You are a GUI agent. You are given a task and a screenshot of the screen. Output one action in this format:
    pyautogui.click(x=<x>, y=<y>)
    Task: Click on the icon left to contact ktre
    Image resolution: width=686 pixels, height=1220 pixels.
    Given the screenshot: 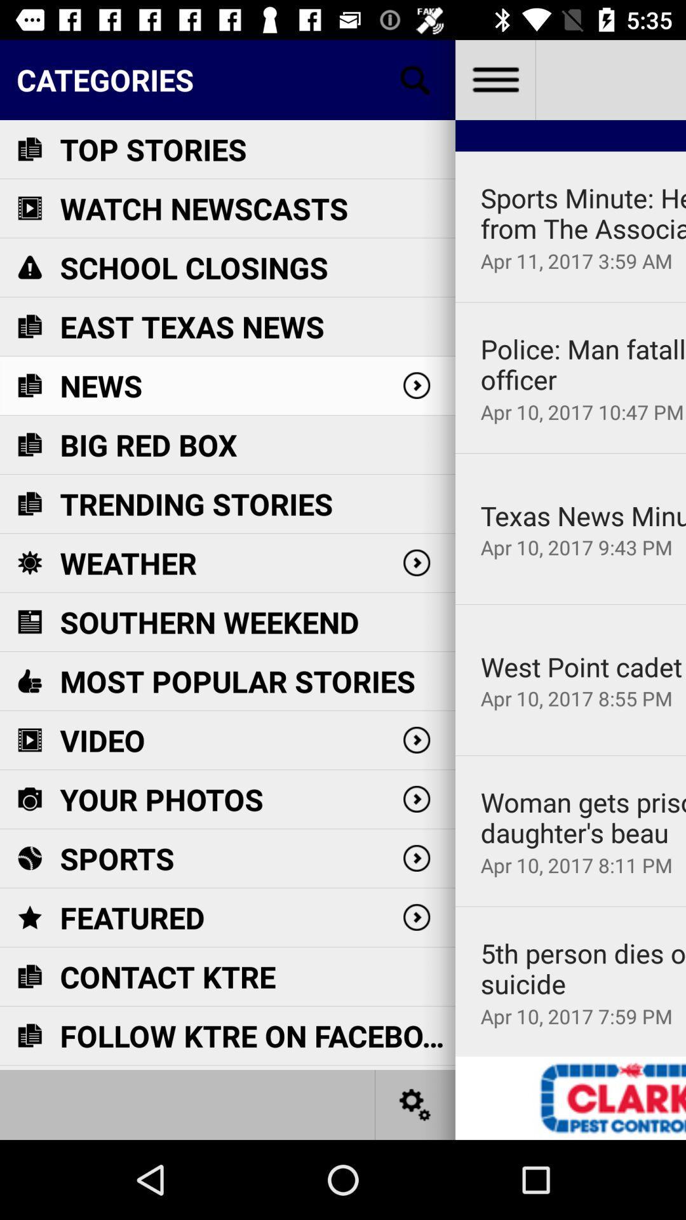 What is the action you would take?
    pyautogui.click(x=29, y=975)
    